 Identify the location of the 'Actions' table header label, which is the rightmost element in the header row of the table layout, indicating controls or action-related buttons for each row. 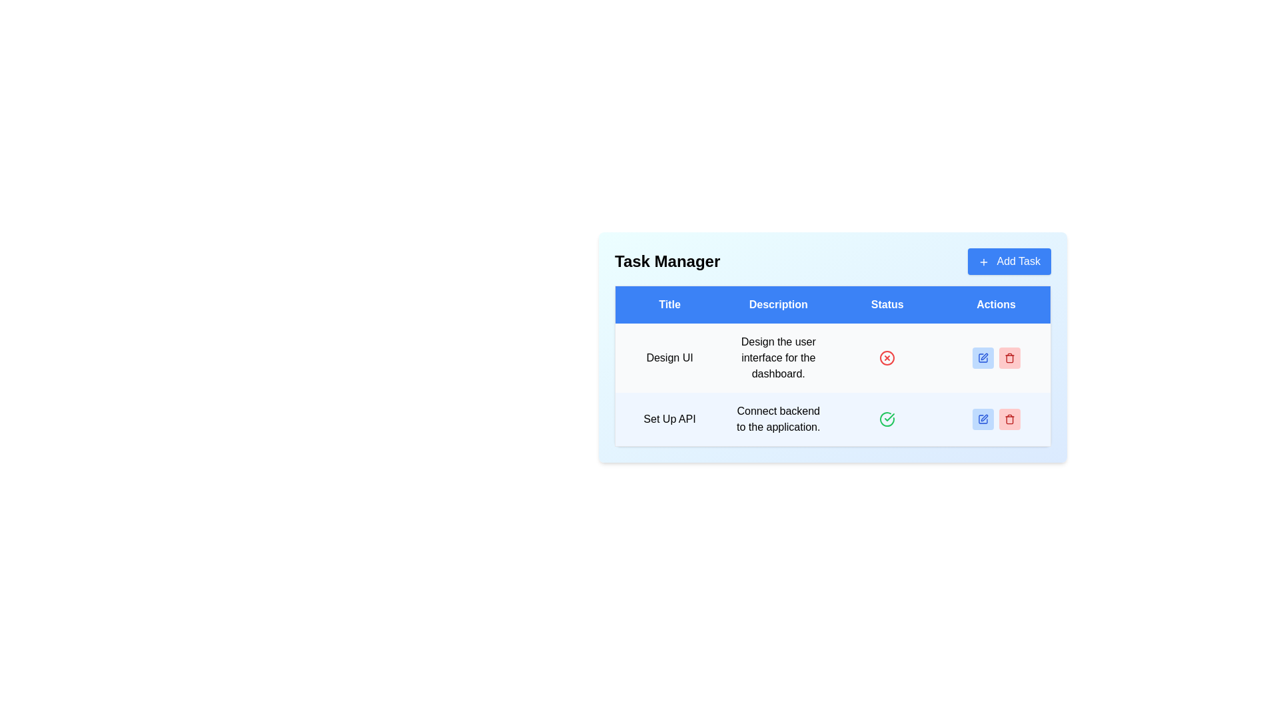
(996, 304).